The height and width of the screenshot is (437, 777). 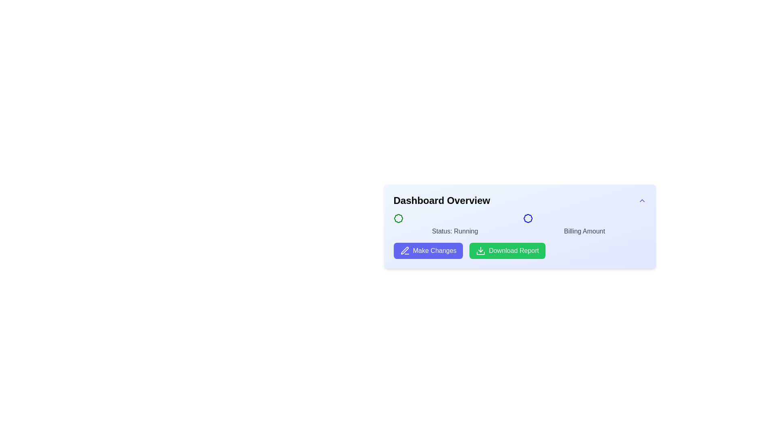 What do you see at coordinates (398, 218) in the screenshot?
I see `the circular badge with a green outline and white center located in the 'Dashboard Overview' section, adjacent to the text 'Status: Running'` at bounding box center [398, 218].